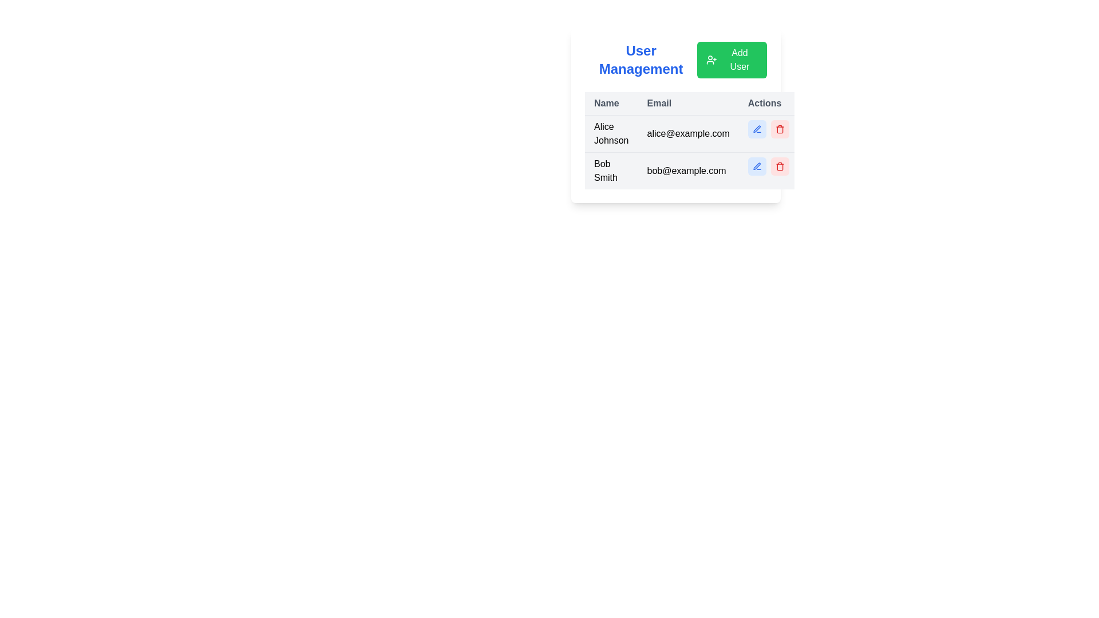 Image resolution: width=1099 pixels, height=618 pixels. I want to click on the delete button with a trash icon, so click(779, 166).